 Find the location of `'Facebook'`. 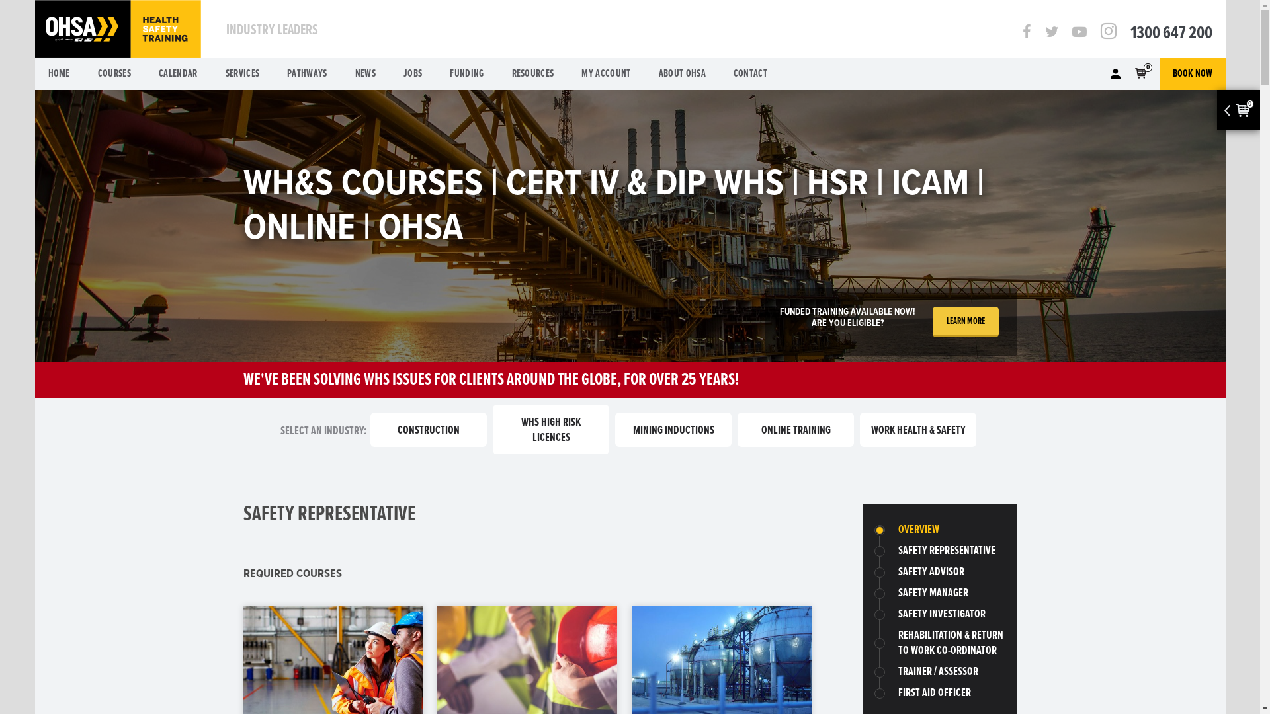

'Facebook' is located at coordinates (1026, 32).